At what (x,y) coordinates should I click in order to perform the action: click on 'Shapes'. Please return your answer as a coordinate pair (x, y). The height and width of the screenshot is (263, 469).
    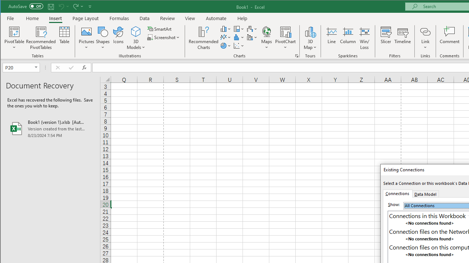
    Looking at the image, I should click on (102, 38).